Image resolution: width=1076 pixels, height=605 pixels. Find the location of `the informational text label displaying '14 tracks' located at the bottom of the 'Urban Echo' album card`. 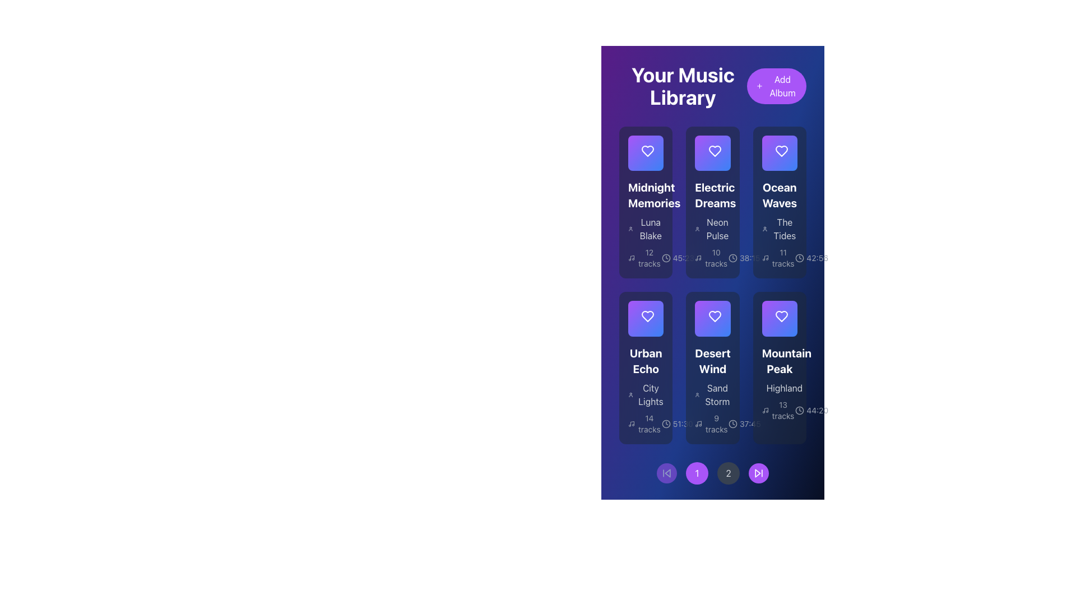

the informational text label displaying '14 tracks' located at the bottom of the 'Urban Echo' album card is located at coordinates (649, 424).